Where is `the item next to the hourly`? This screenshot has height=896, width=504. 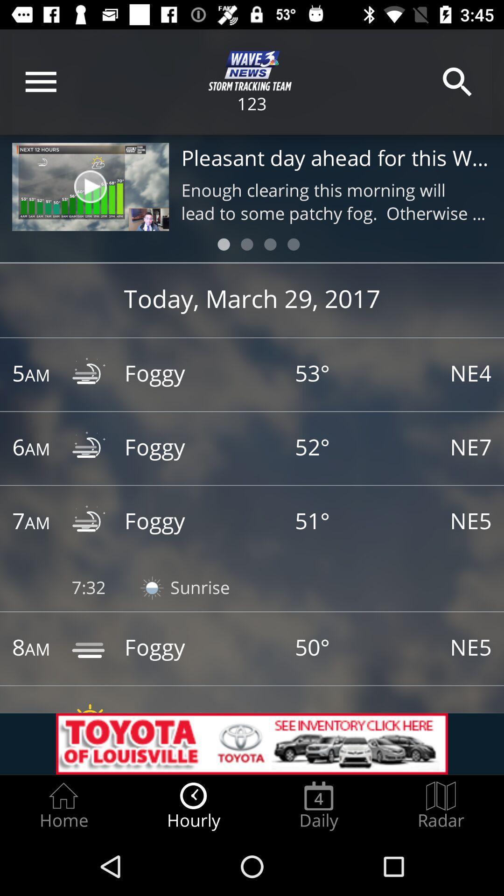
the item next to the hourly is located at coordinates (63, 805).